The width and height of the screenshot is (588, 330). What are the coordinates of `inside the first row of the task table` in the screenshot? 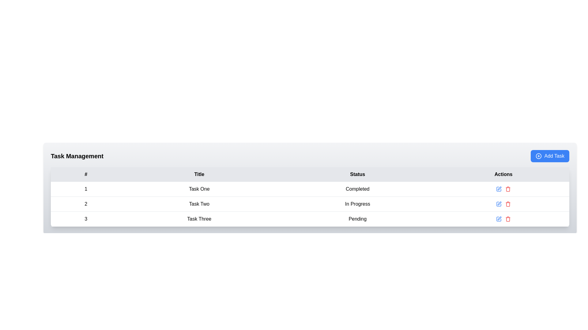 It's located at (310, 189).